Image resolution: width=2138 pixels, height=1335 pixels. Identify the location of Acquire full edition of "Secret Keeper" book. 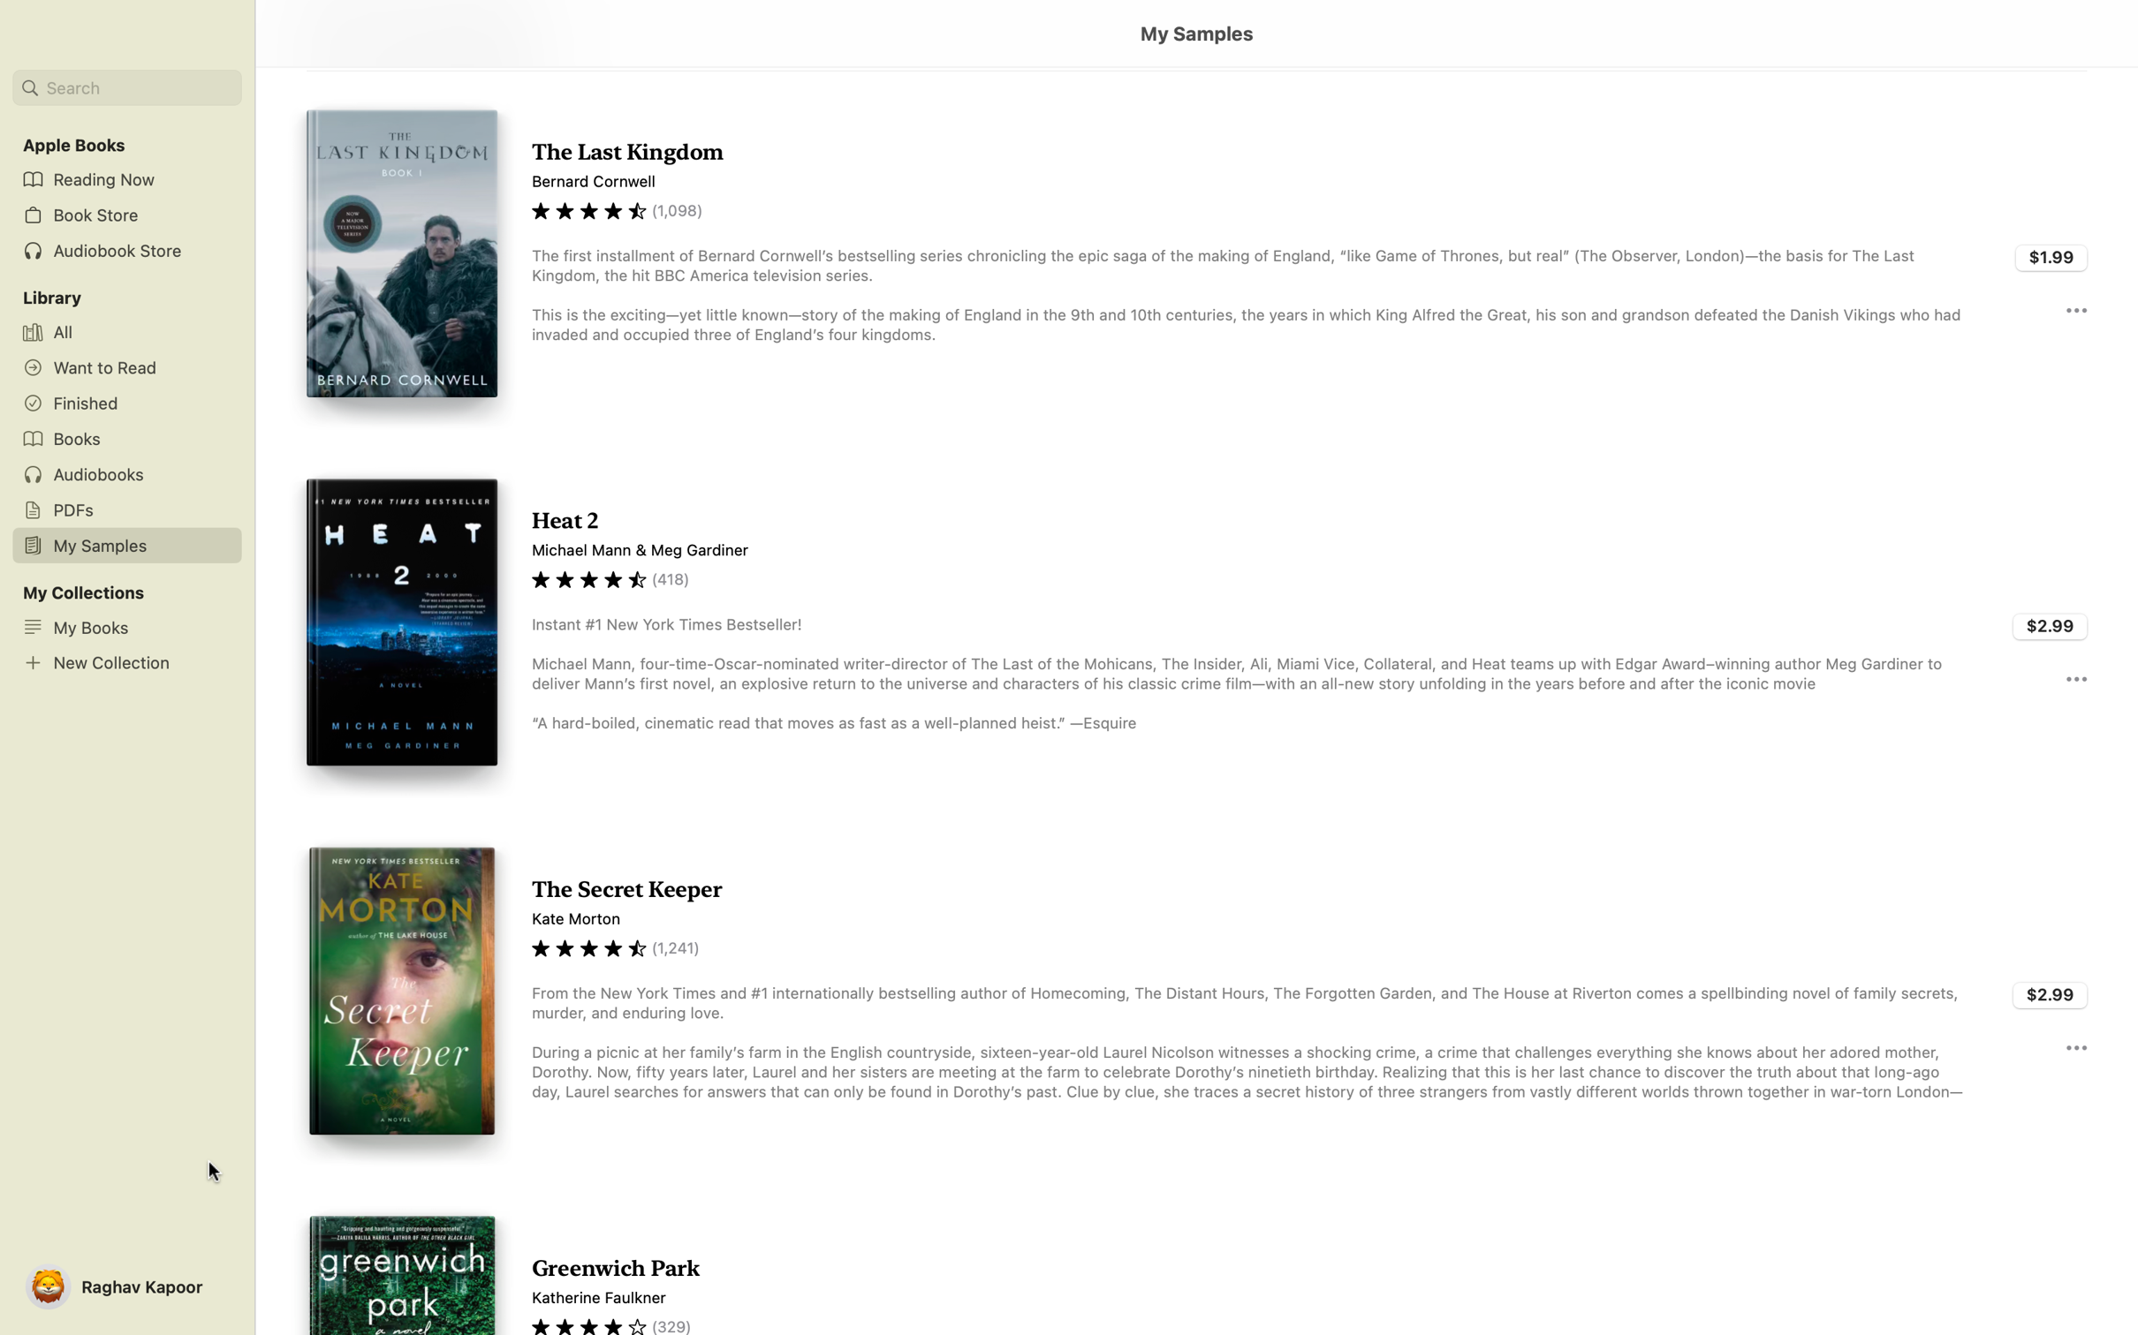
(2051, 992).